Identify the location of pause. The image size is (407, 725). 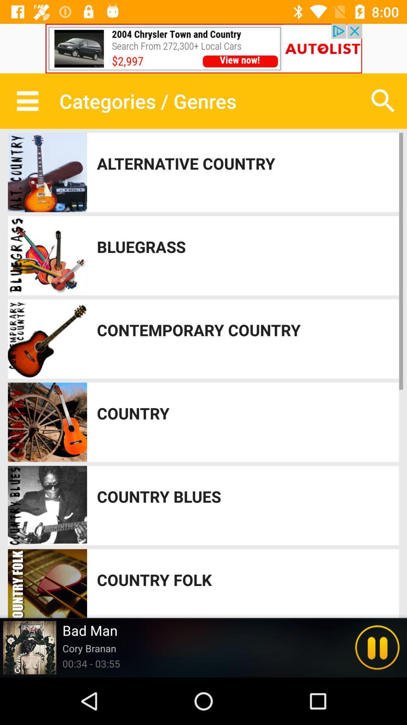
(377, 647).